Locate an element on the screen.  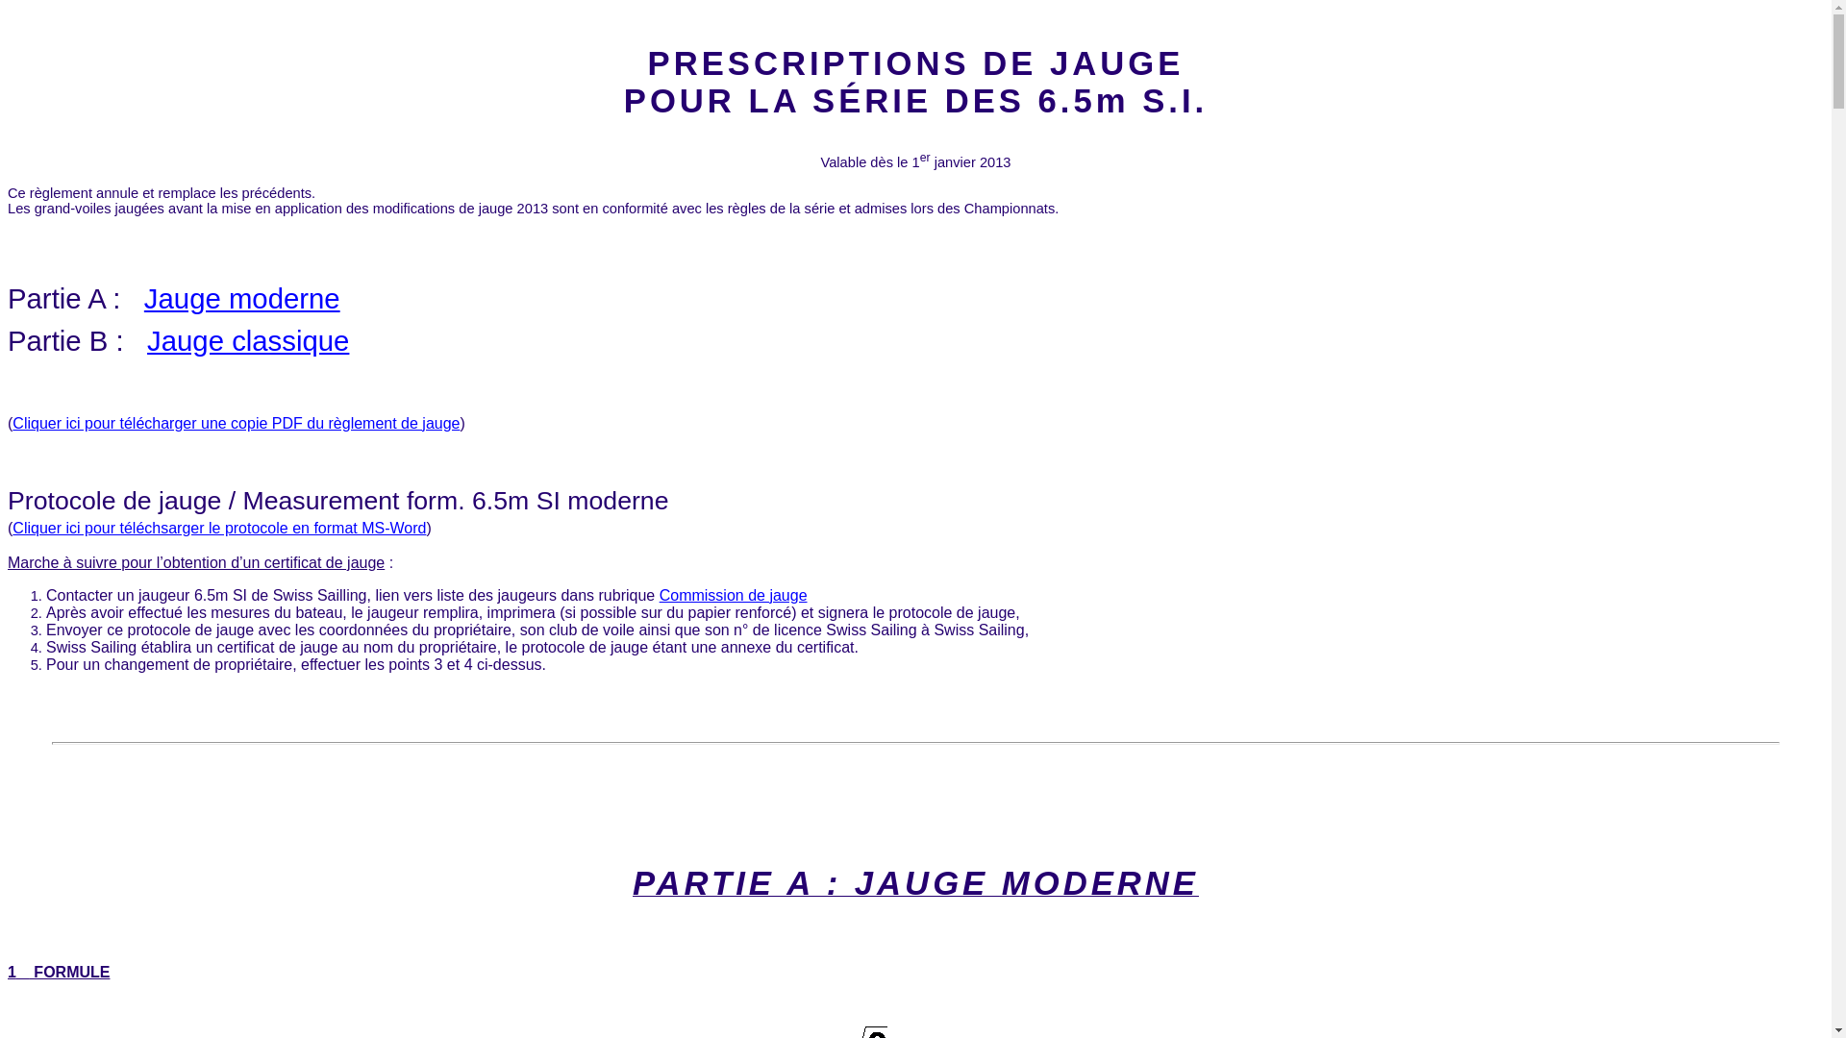
'1       FORMULE' is located at coordinates (8, 972).